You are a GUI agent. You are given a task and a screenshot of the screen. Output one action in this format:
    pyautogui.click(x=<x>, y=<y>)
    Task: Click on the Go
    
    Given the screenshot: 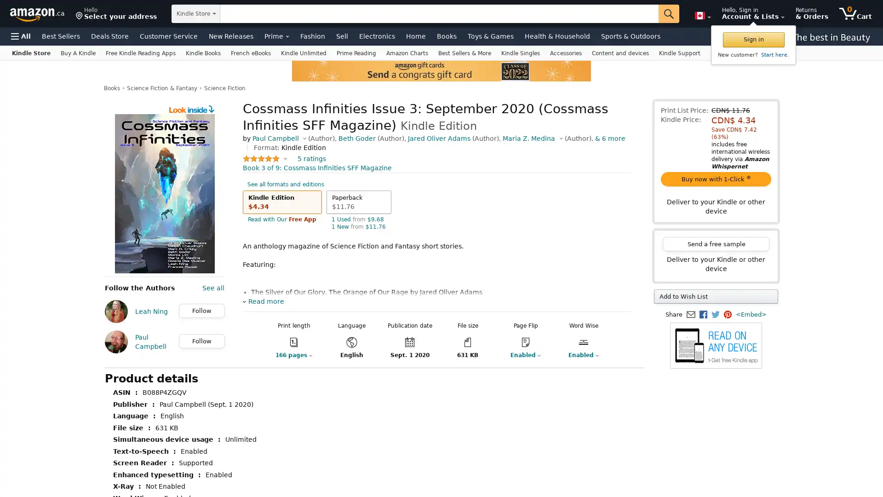 What is the action you would take?
    pyautogui.click(x=669, y=14)
    